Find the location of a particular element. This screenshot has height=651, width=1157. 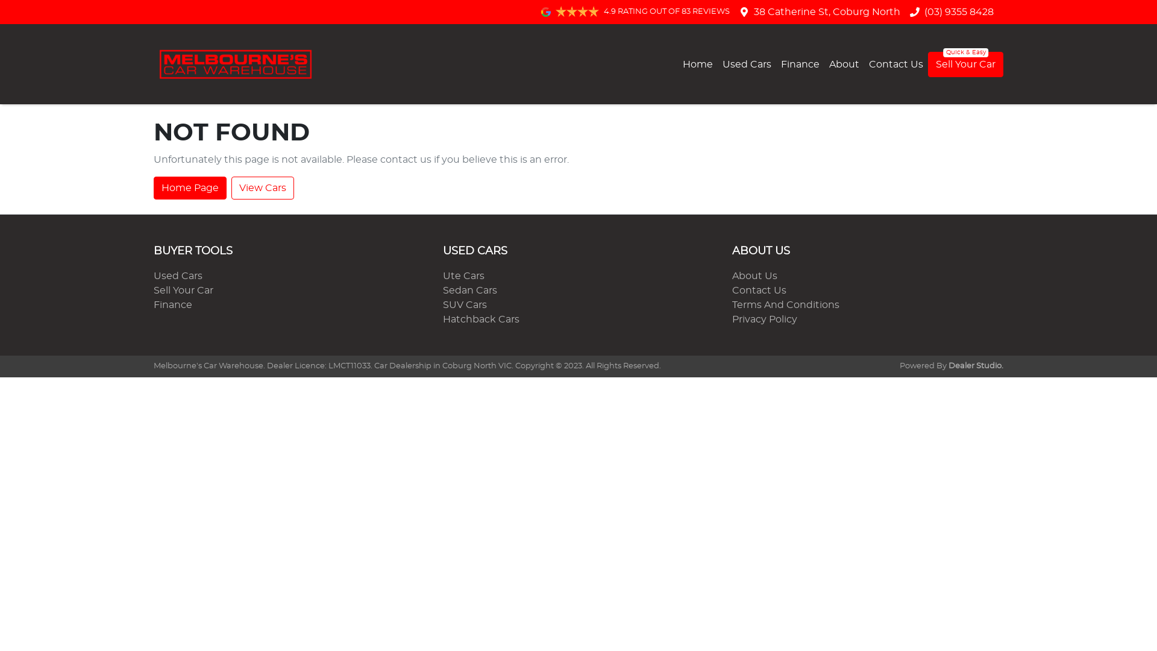

'Sell Your Car' is located at coordinates (965, 64).